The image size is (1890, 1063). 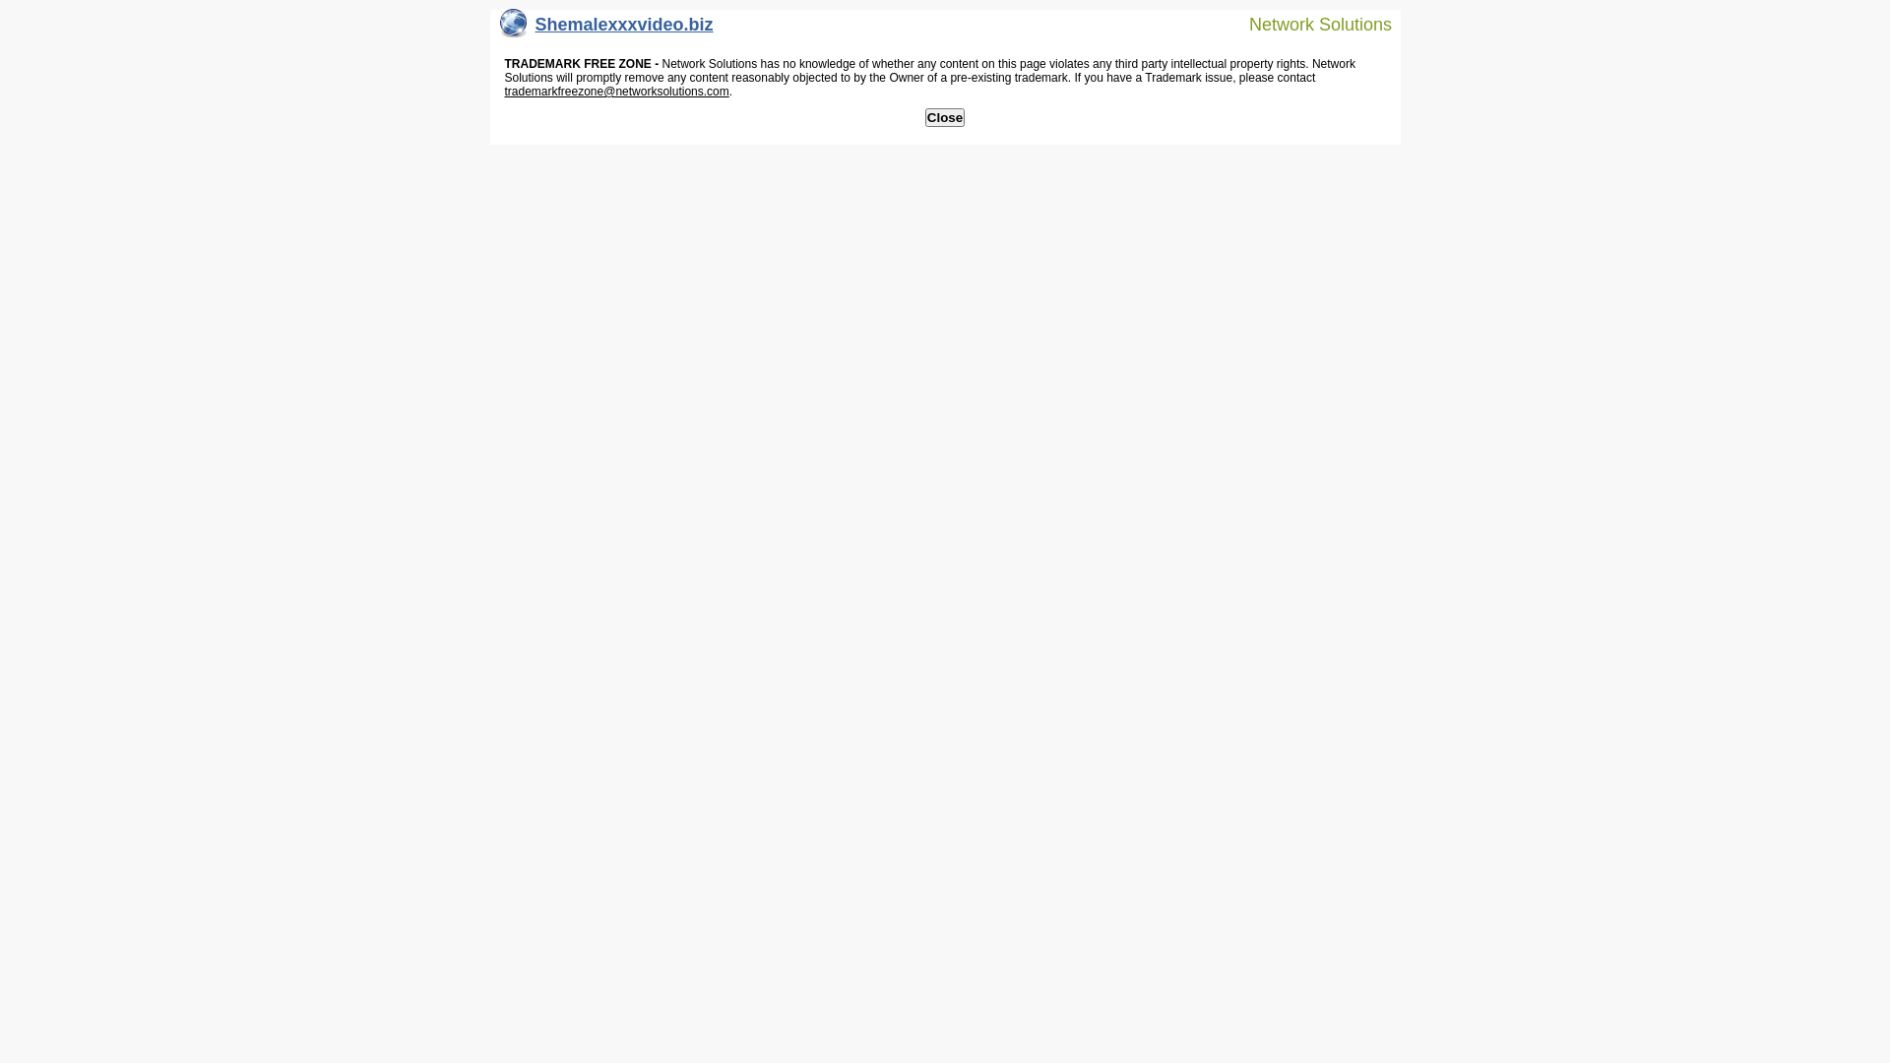 What do you see at coordinates (605, 29) in the screenshot?
I see `'Shemalexxxvideo.biz'` at bounding box center [605, 29].